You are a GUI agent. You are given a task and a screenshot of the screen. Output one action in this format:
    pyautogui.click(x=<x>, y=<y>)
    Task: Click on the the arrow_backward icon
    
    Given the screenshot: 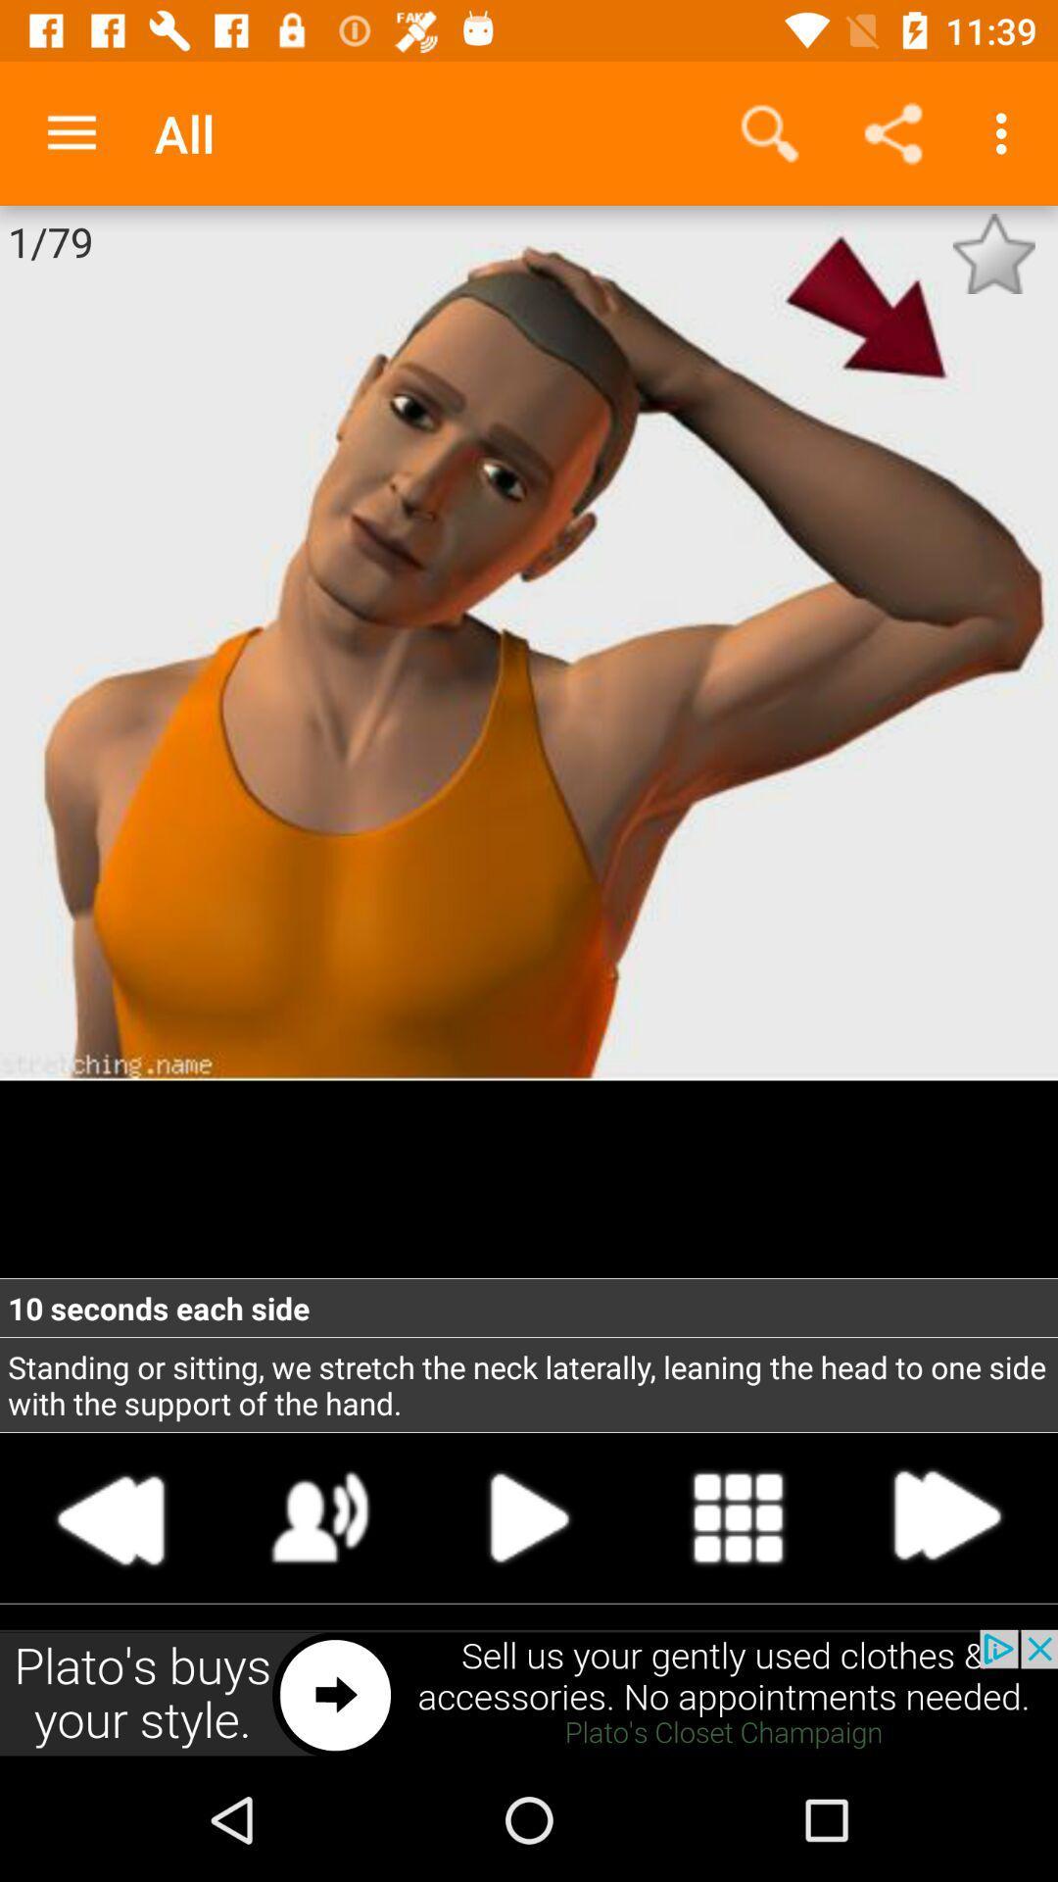 What is the action you would take?
    pyautogui.click(x=112, y=1516)
    